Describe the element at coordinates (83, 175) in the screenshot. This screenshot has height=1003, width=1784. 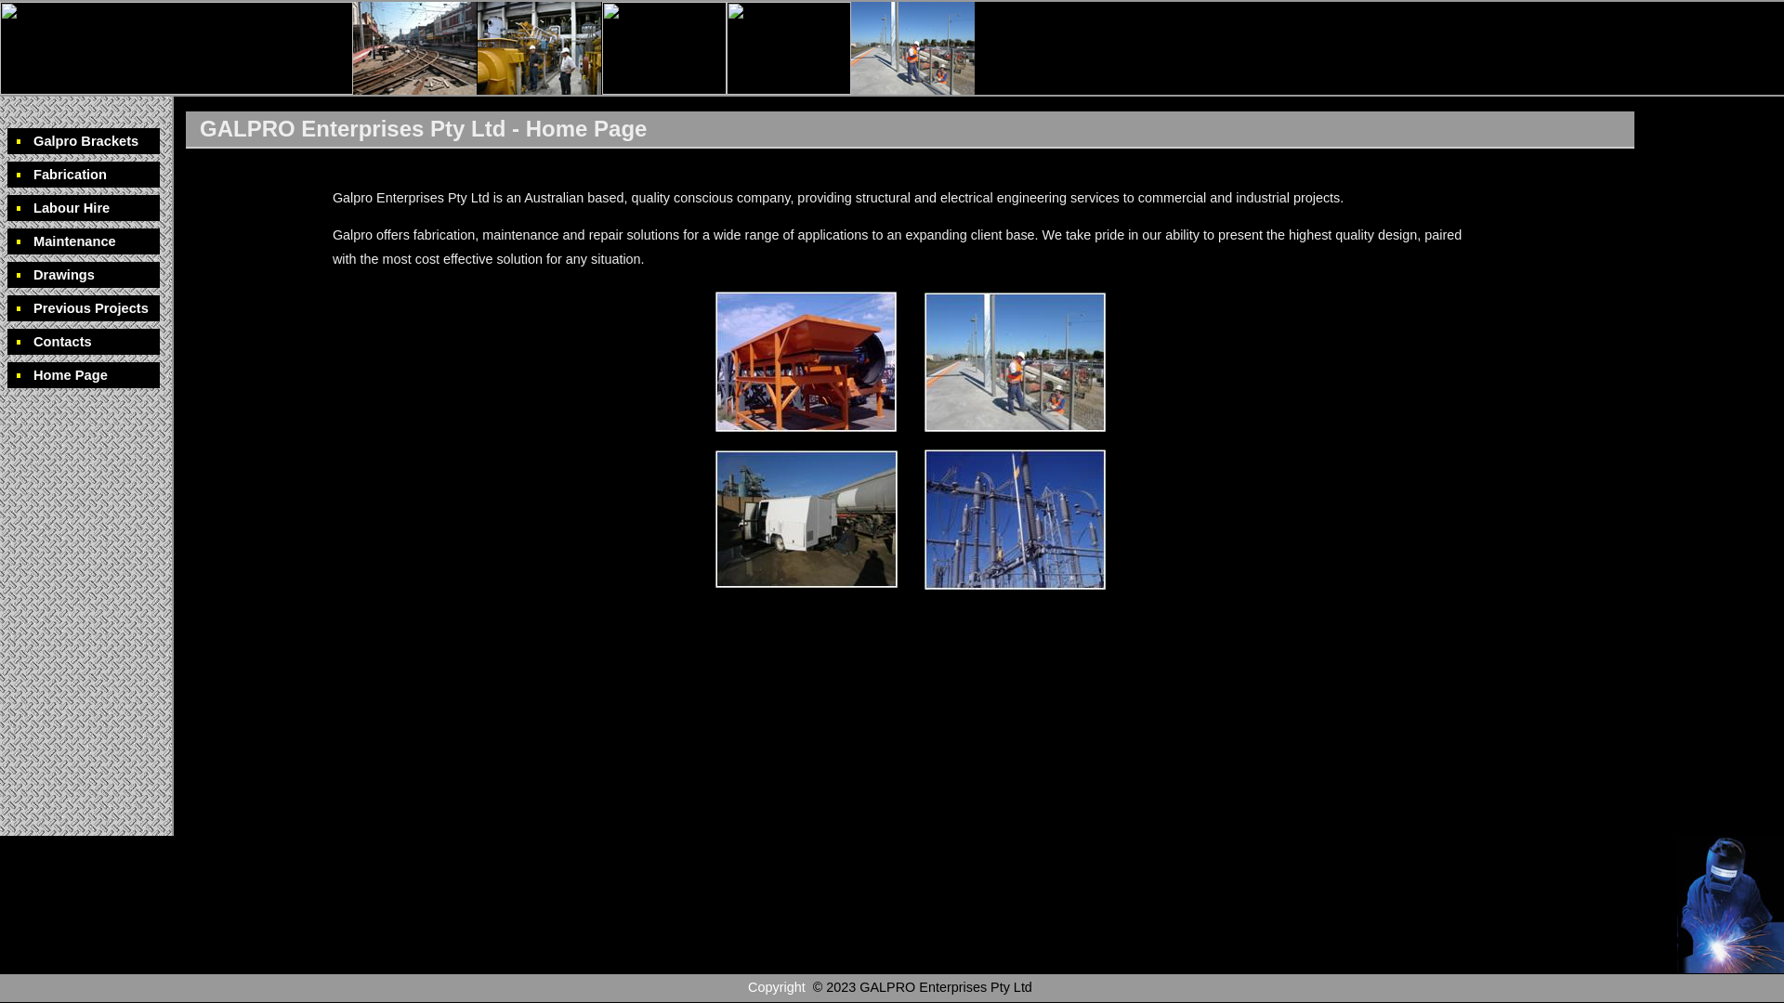
I see `'Fabrication'` at that location.